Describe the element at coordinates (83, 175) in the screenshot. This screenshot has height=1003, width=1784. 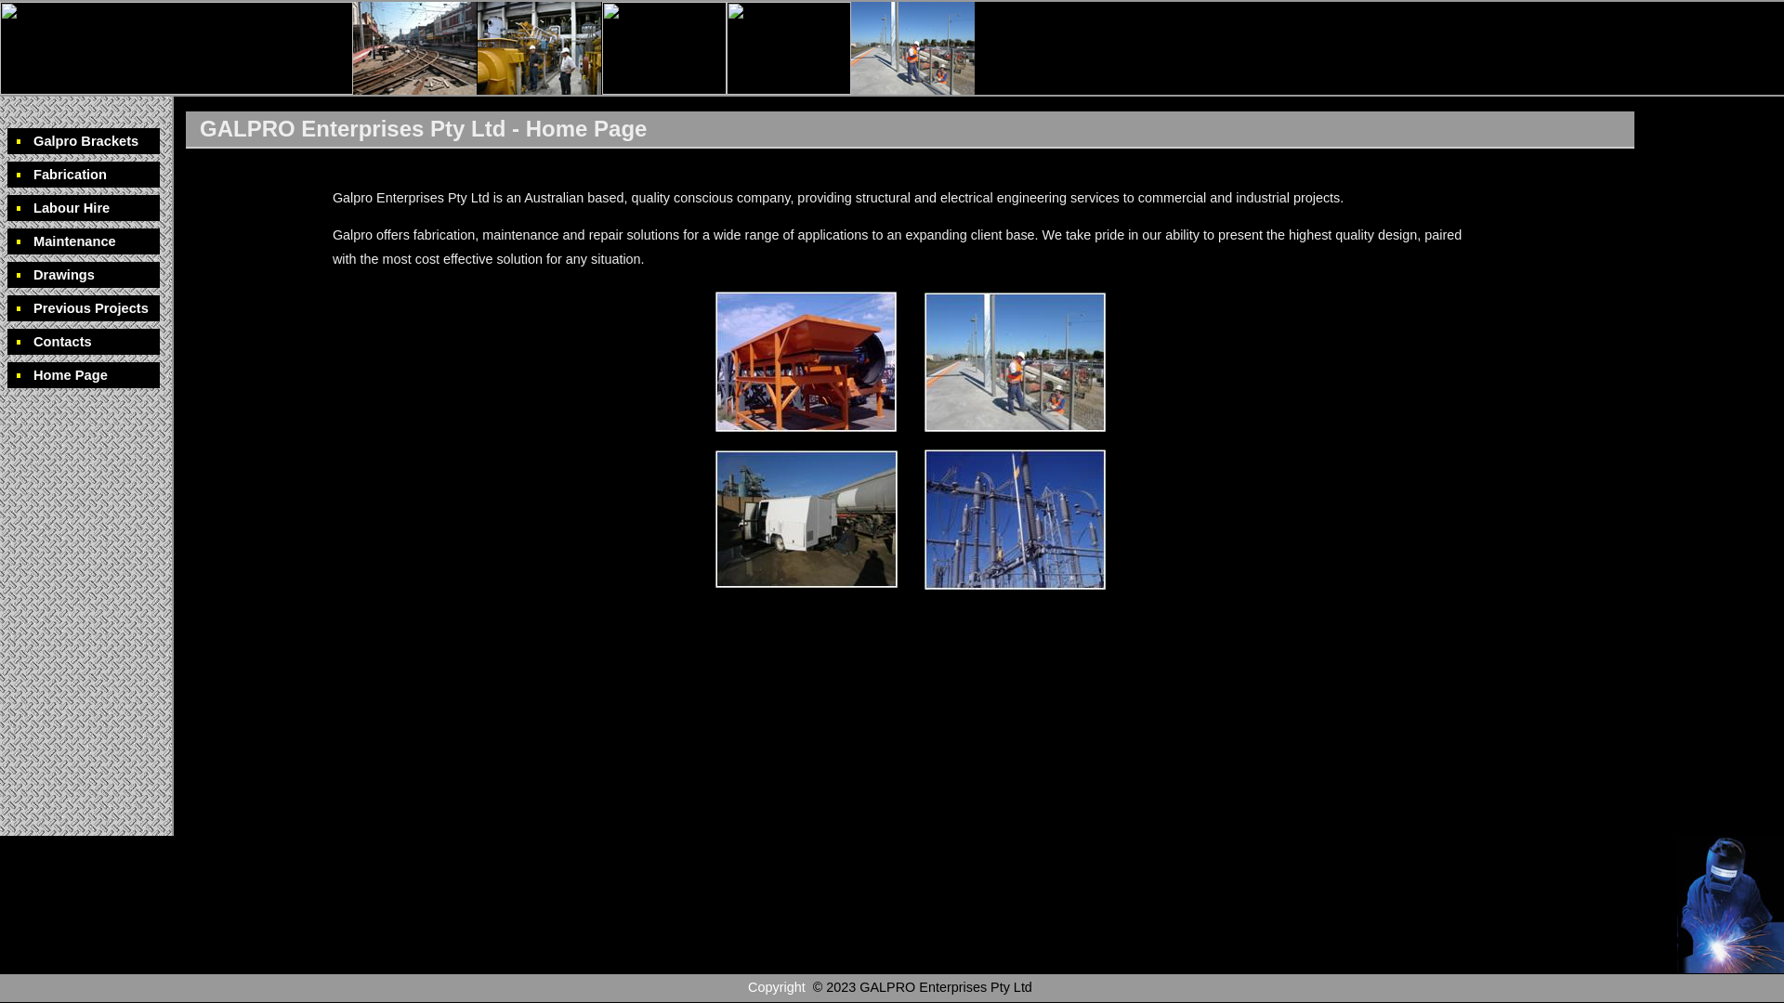
I see `'Fabrication'` at that location.